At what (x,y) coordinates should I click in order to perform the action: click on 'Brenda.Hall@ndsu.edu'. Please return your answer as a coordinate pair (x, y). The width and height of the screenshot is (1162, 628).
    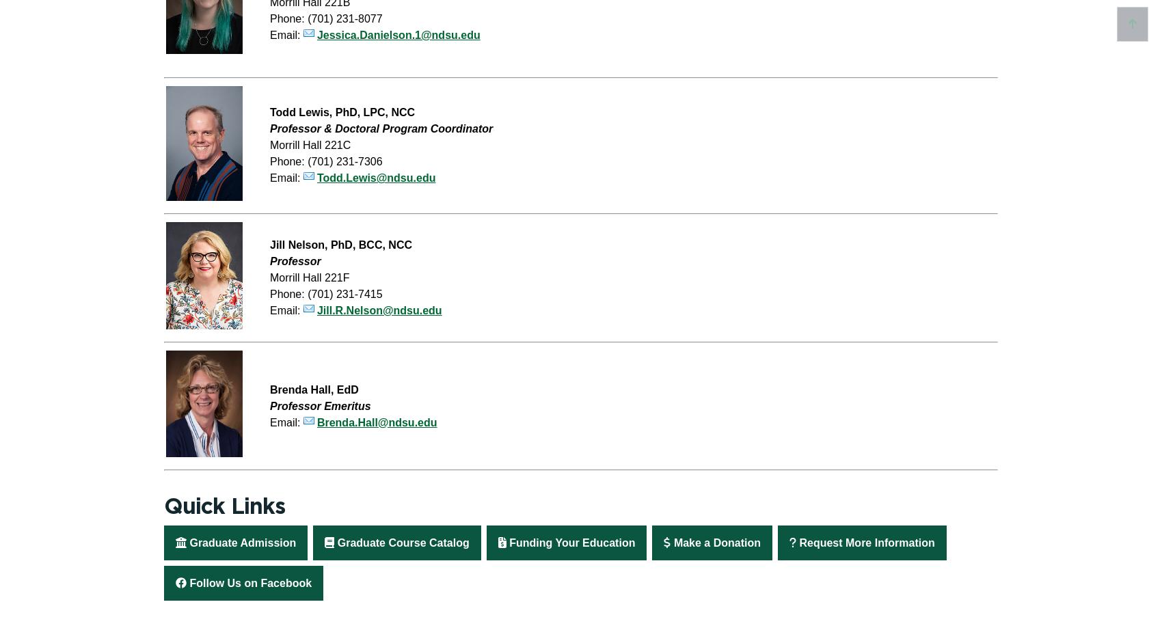
    Looking at the image, I should click on (375, 422).